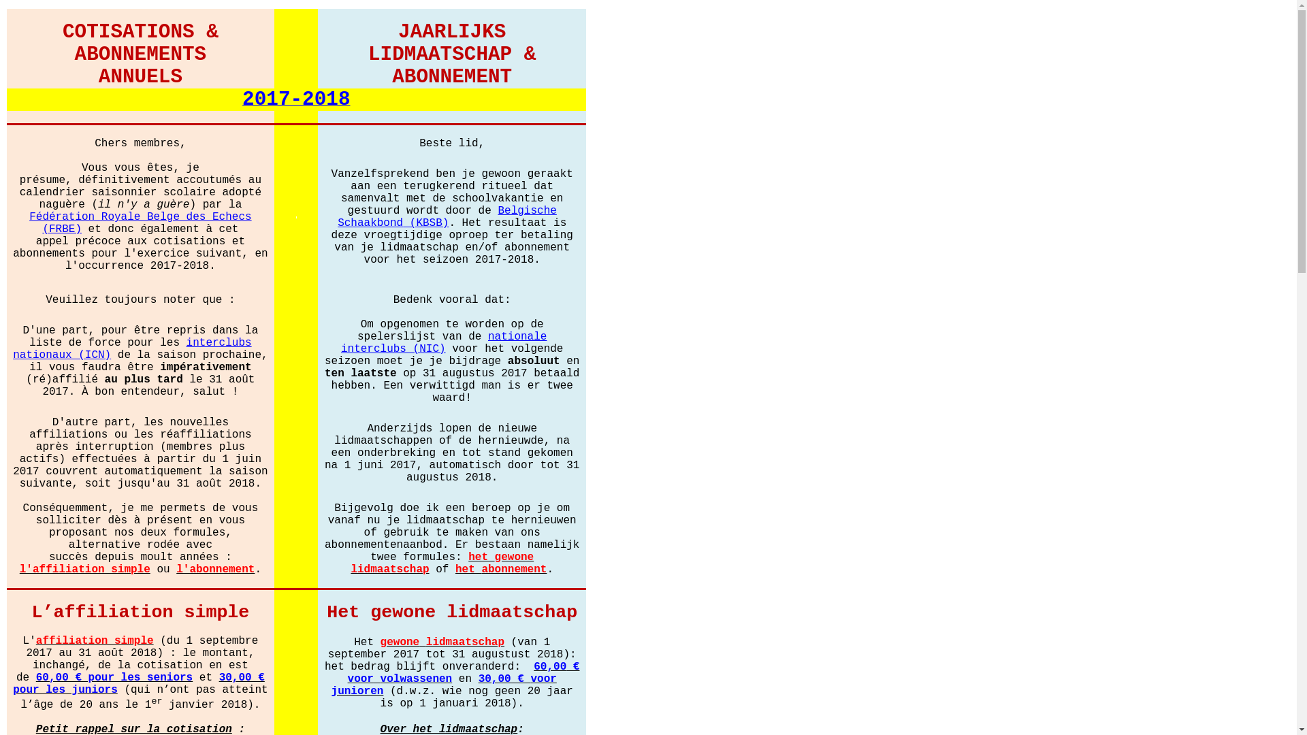 This screenshot has width=1307, height=735. What do you see at coordinates (131, 347) in the screenshot?
I see `'interclubs nationaux (ICN)'` at bounding box center [131, 347].